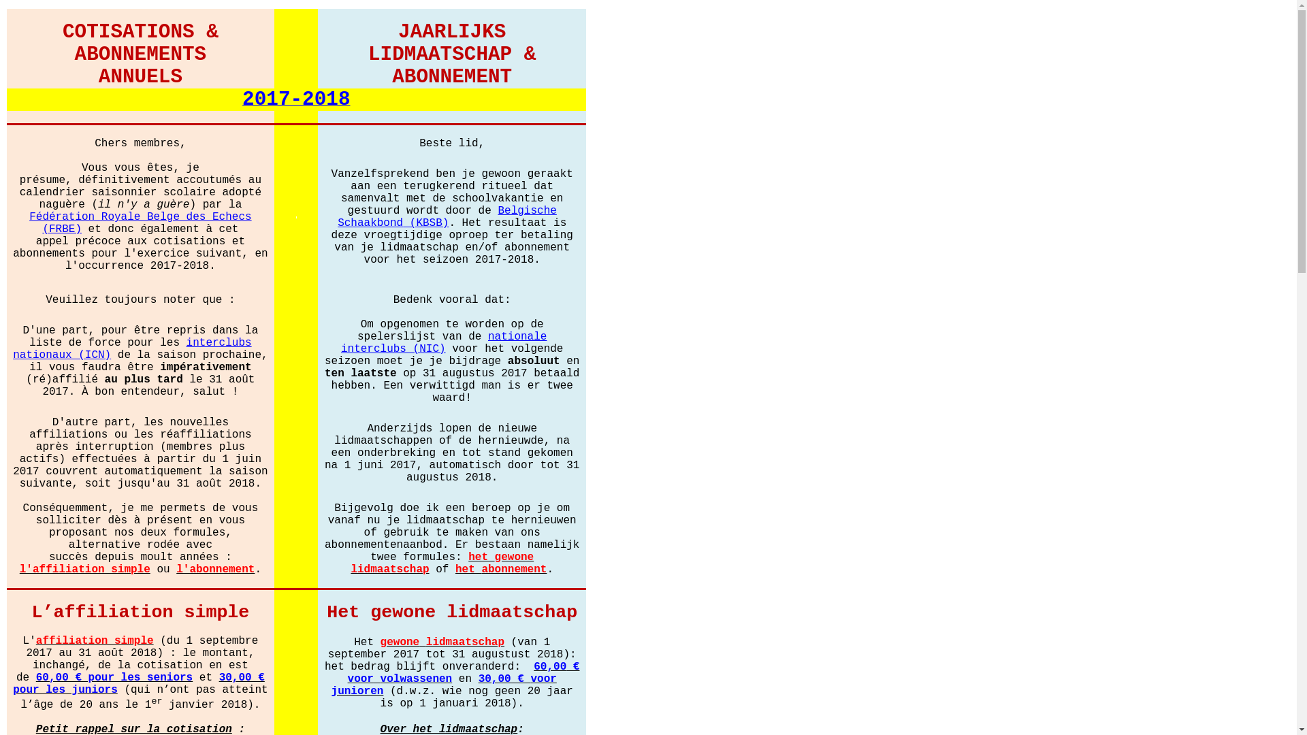 This screenshot has width=1307, height=735. What do you see at coordinates (131, 347) in the screenshot?
I see `'interclubs nationaux (ICN)'` at bounding box center [131, 347].